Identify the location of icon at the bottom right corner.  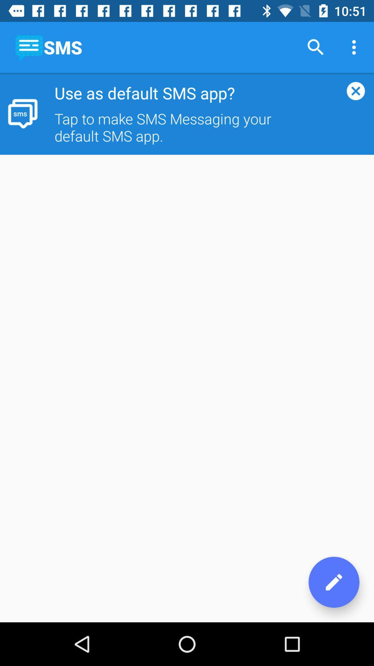
(333, 582).